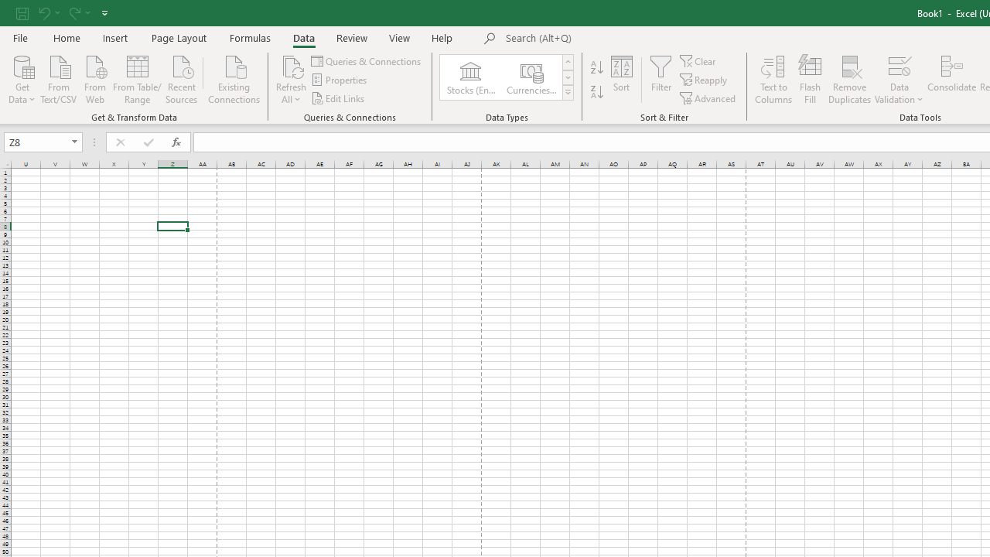 This screenshot has height=557, width=990. What do you see at coordinates (612, 38) in the screenshot?
I see `'Microsoft search'` at bounding box center [612, 38].